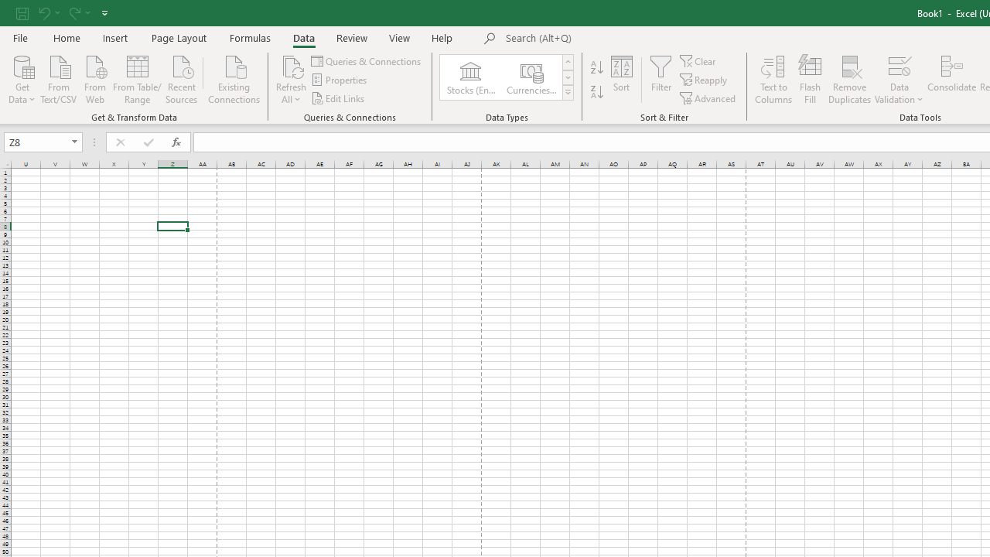 This screenshot has height=557, width=990. What do you see at coordinates (612, 38) in the screenshot?
I see `'Microsoft search'` at bounding box center [612, 38].